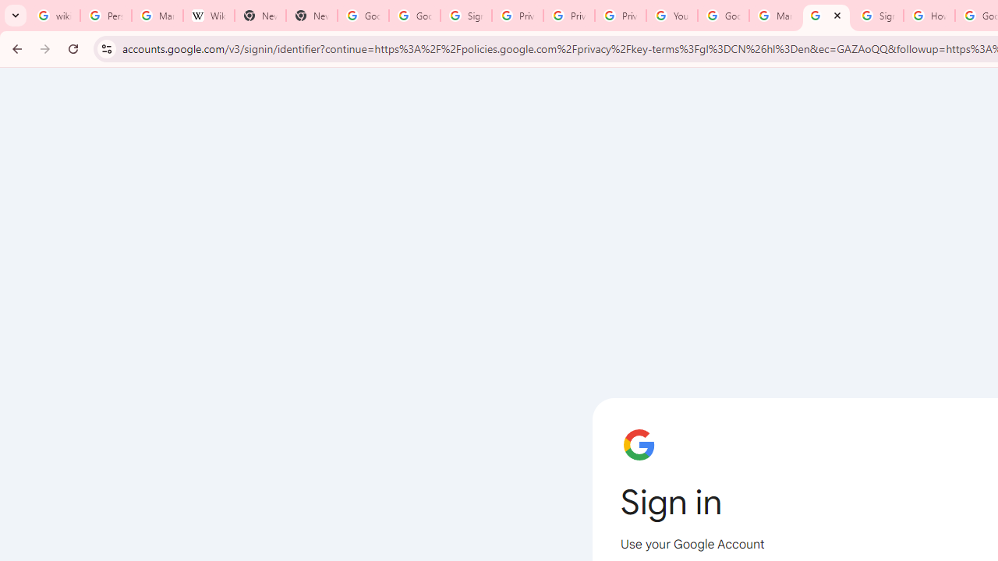 The width and height of the screenshot is (998, 561). What do you see at coordinates (312, 16) in the screenshot?
I see `'New Tab'` at bounding box center [312, 16].